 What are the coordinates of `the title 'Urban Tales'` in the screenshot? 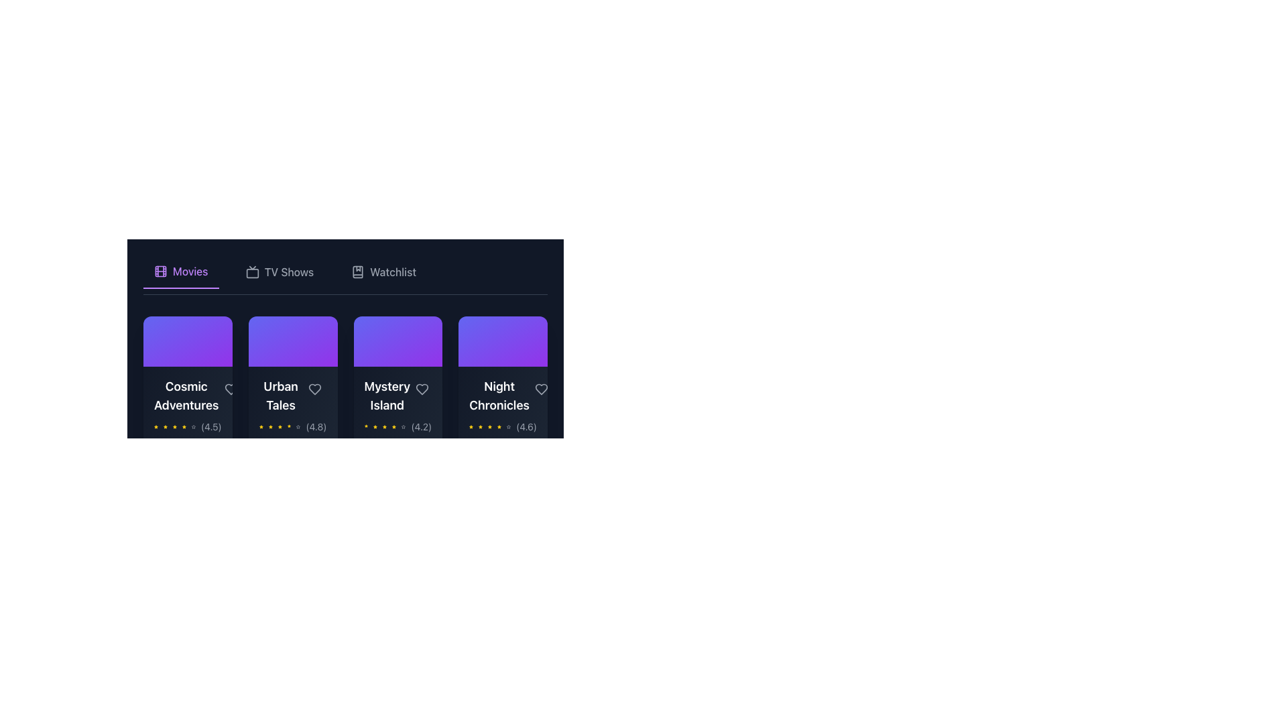 It's located at (280, 395).